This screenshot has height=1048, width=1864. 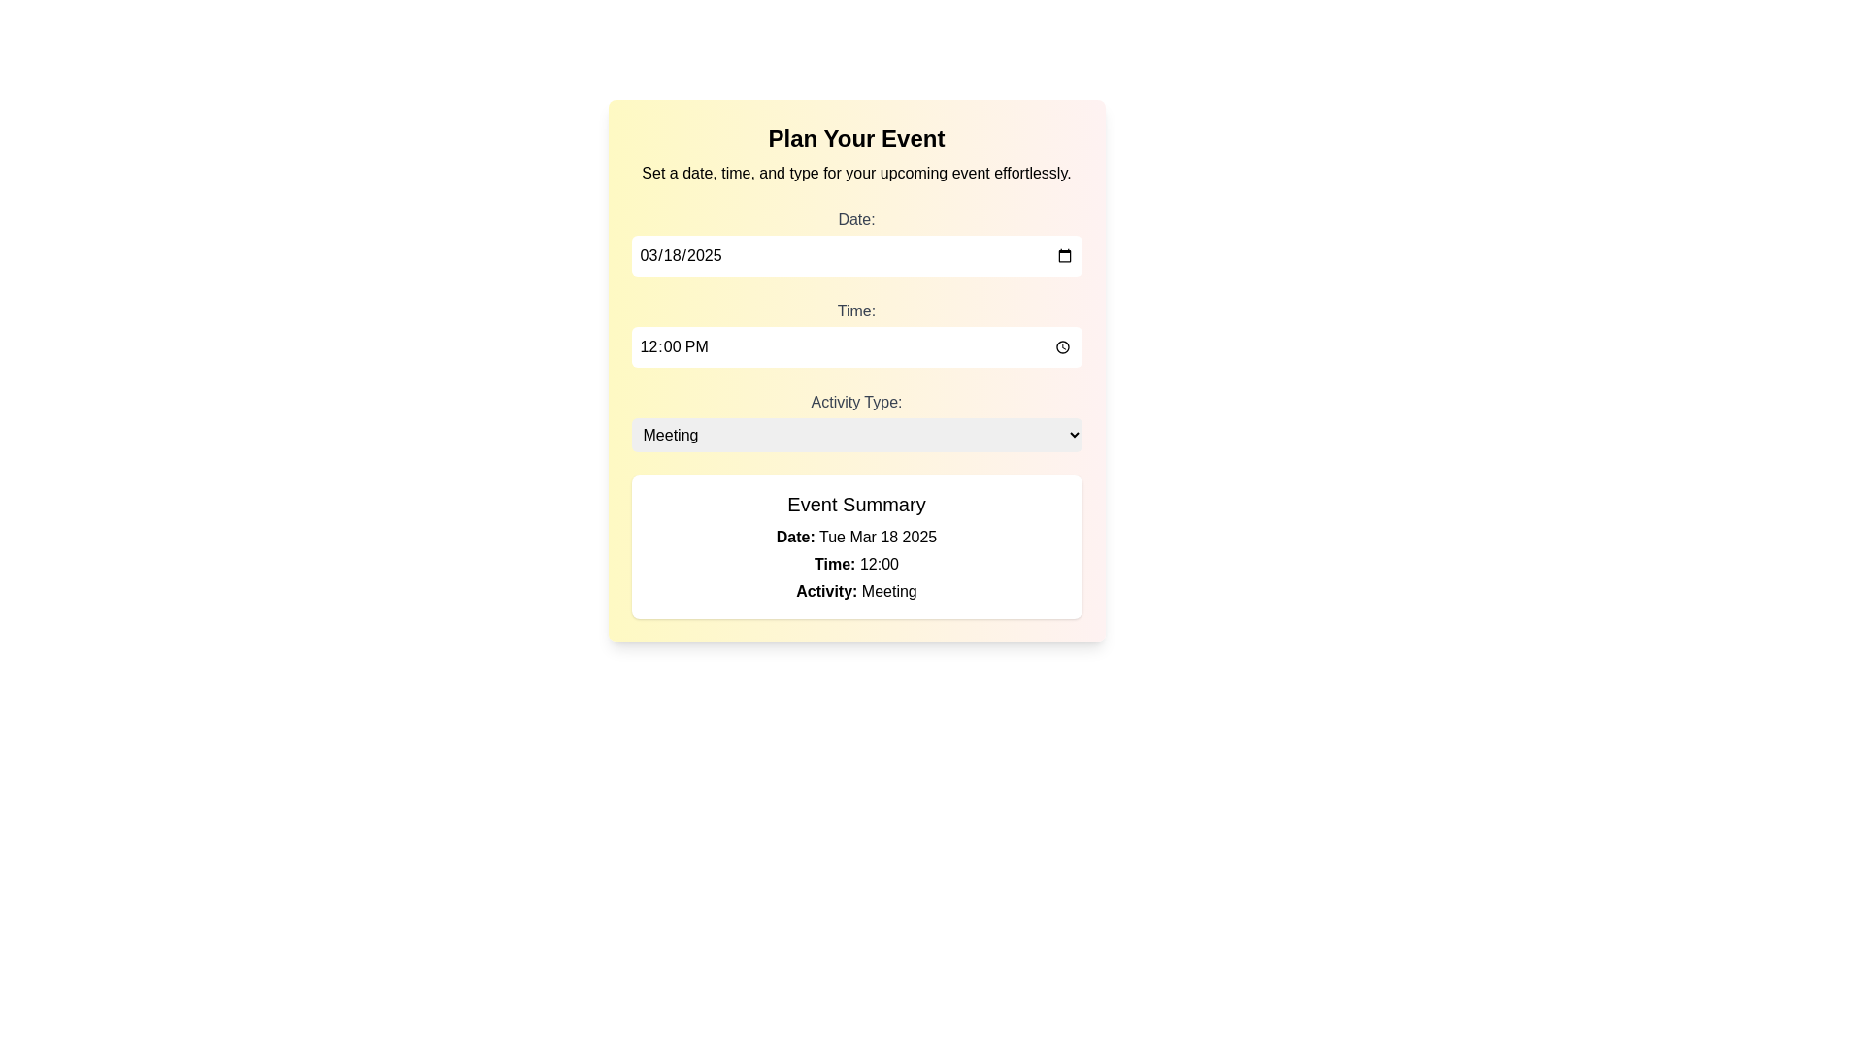 What do you see at coordinates (855, 346) in the screenshot?
I see `the time` at bounding box center [855, 346].